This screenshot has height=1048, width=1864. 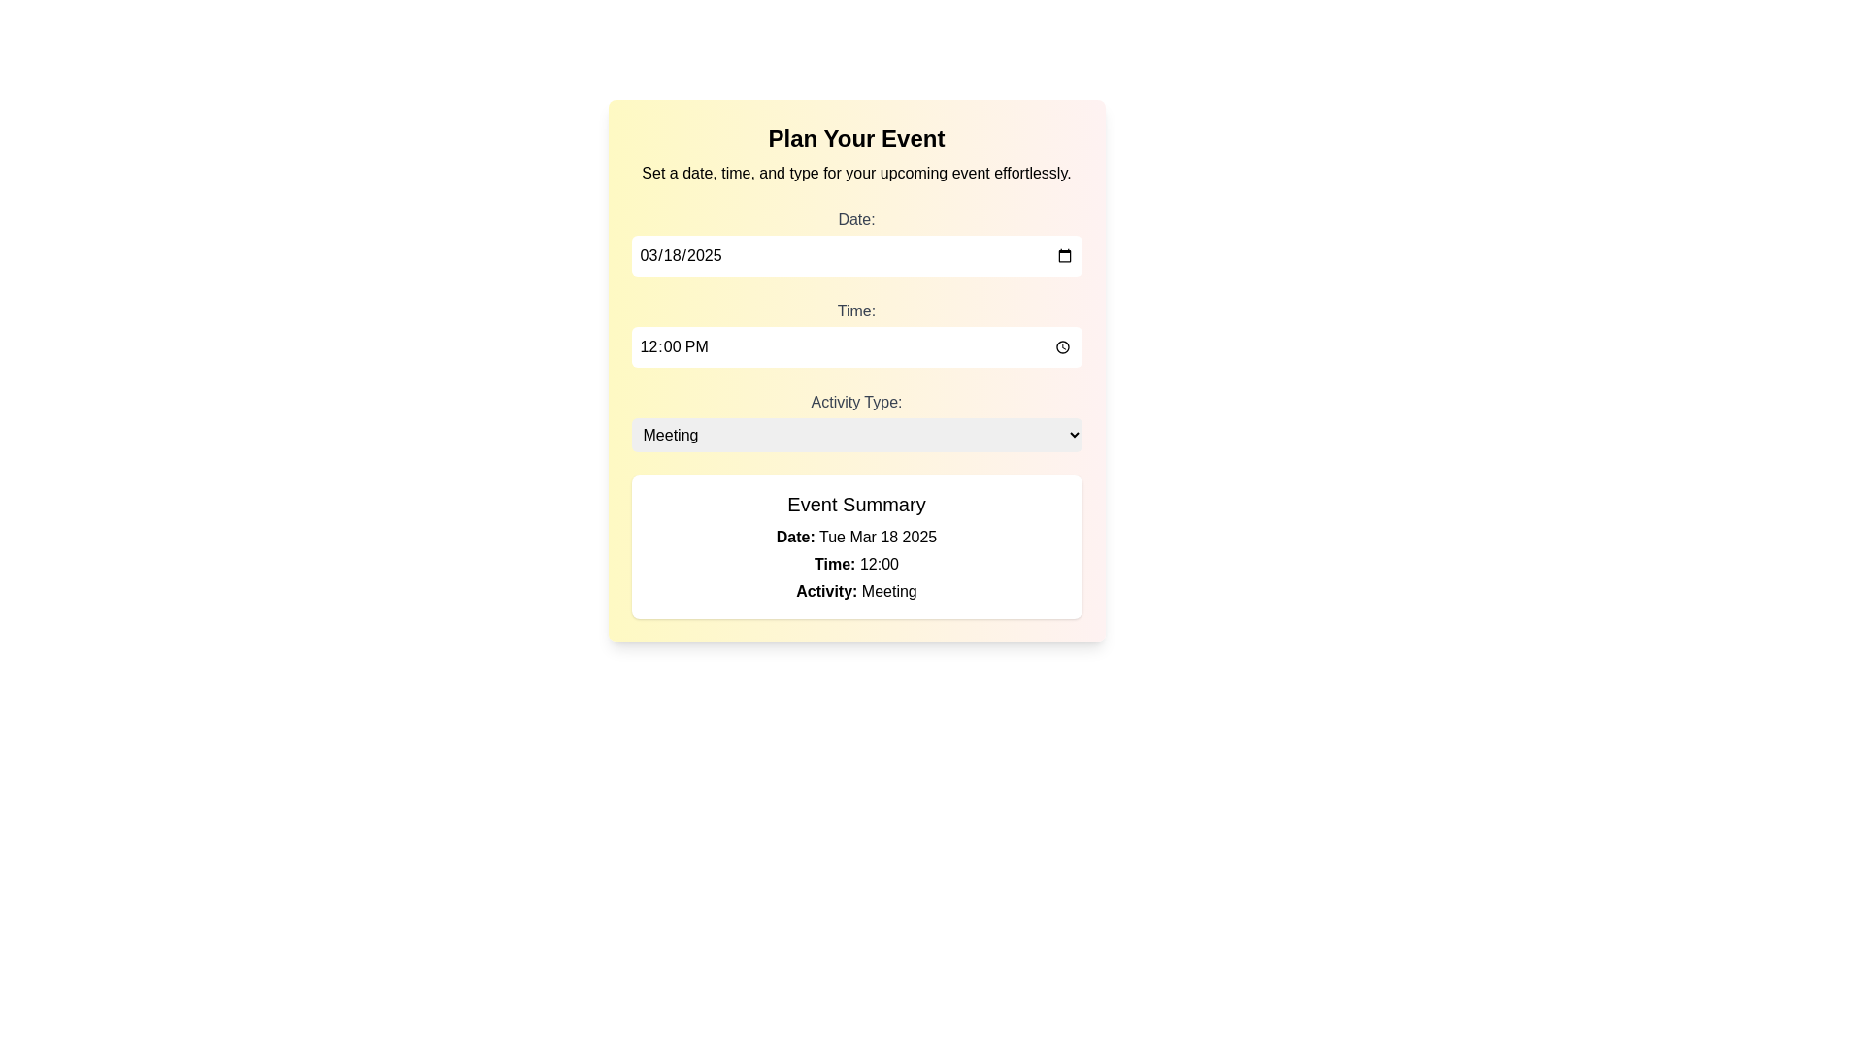 What do you see at coordinates (855, 346) in the screenshot?
I see `the time` at bounding box center [855, 346].